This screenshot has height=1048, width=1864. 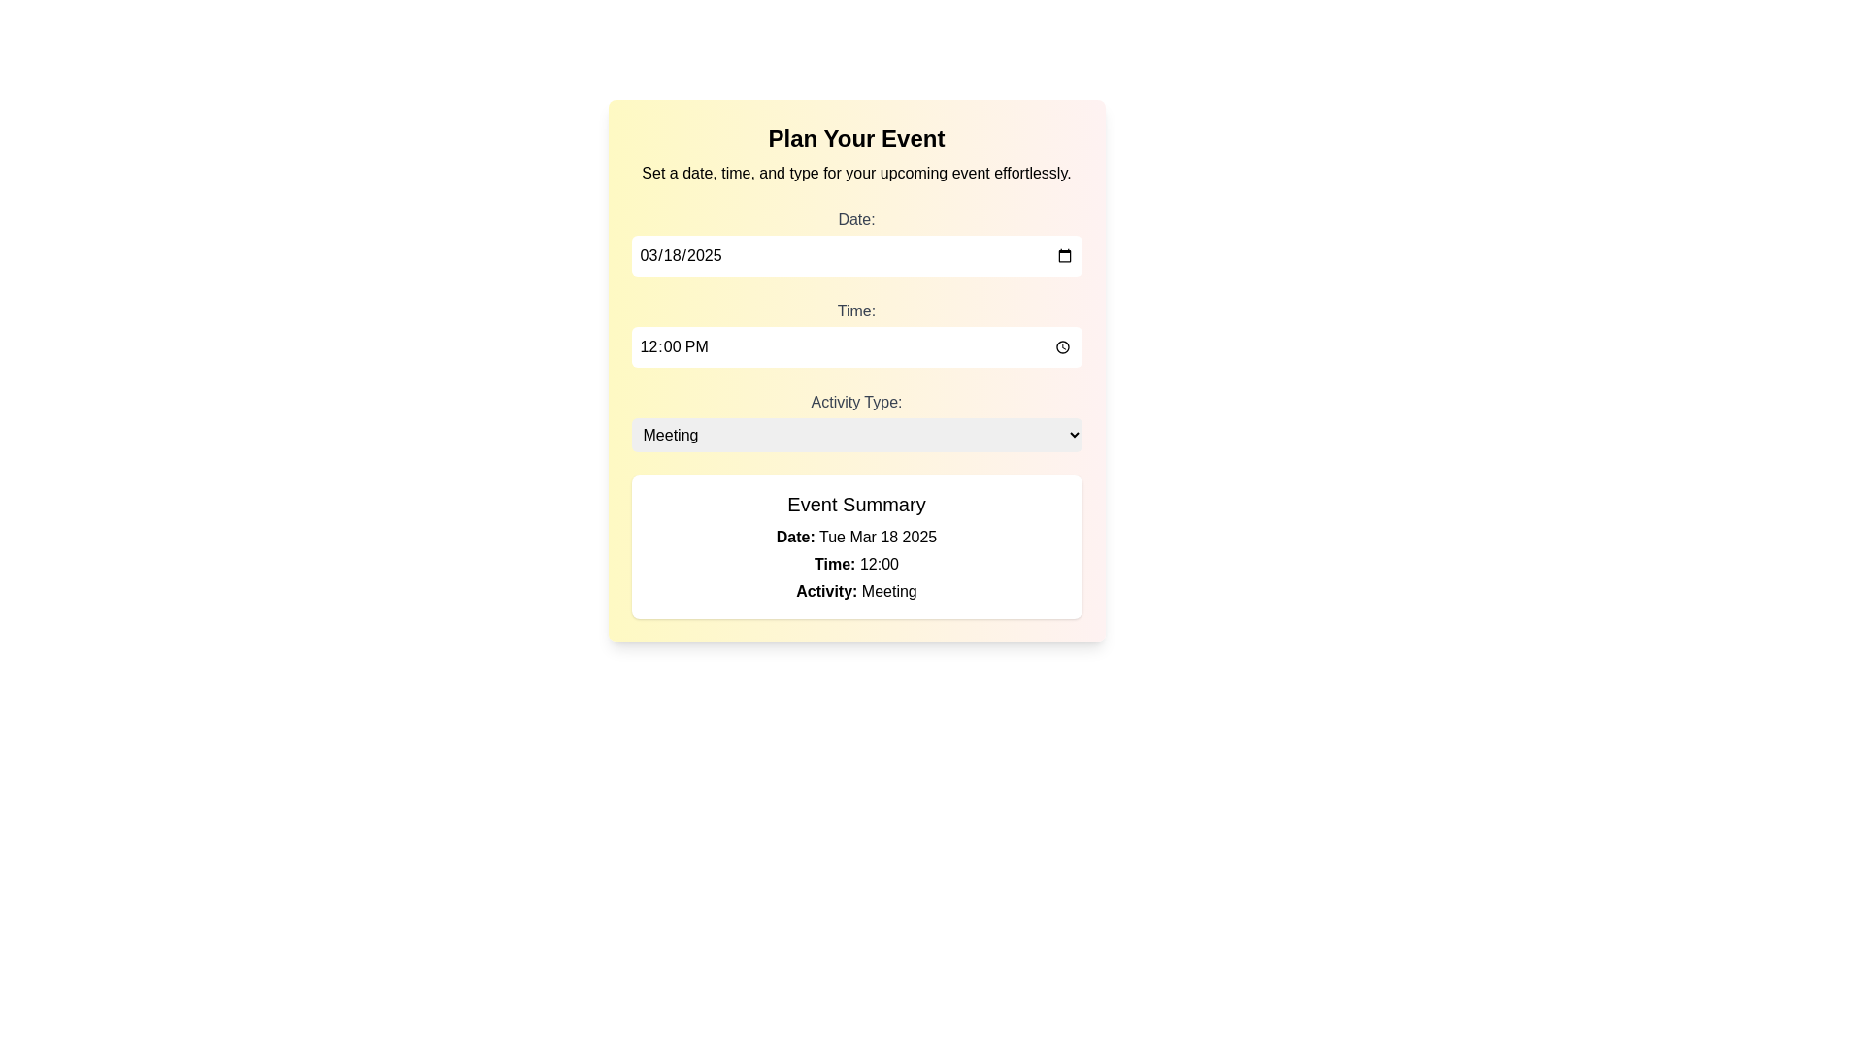 What do you see at coordinates (855, 346) in the screenshot?
I see `the time` at bounding box center [855, 346].